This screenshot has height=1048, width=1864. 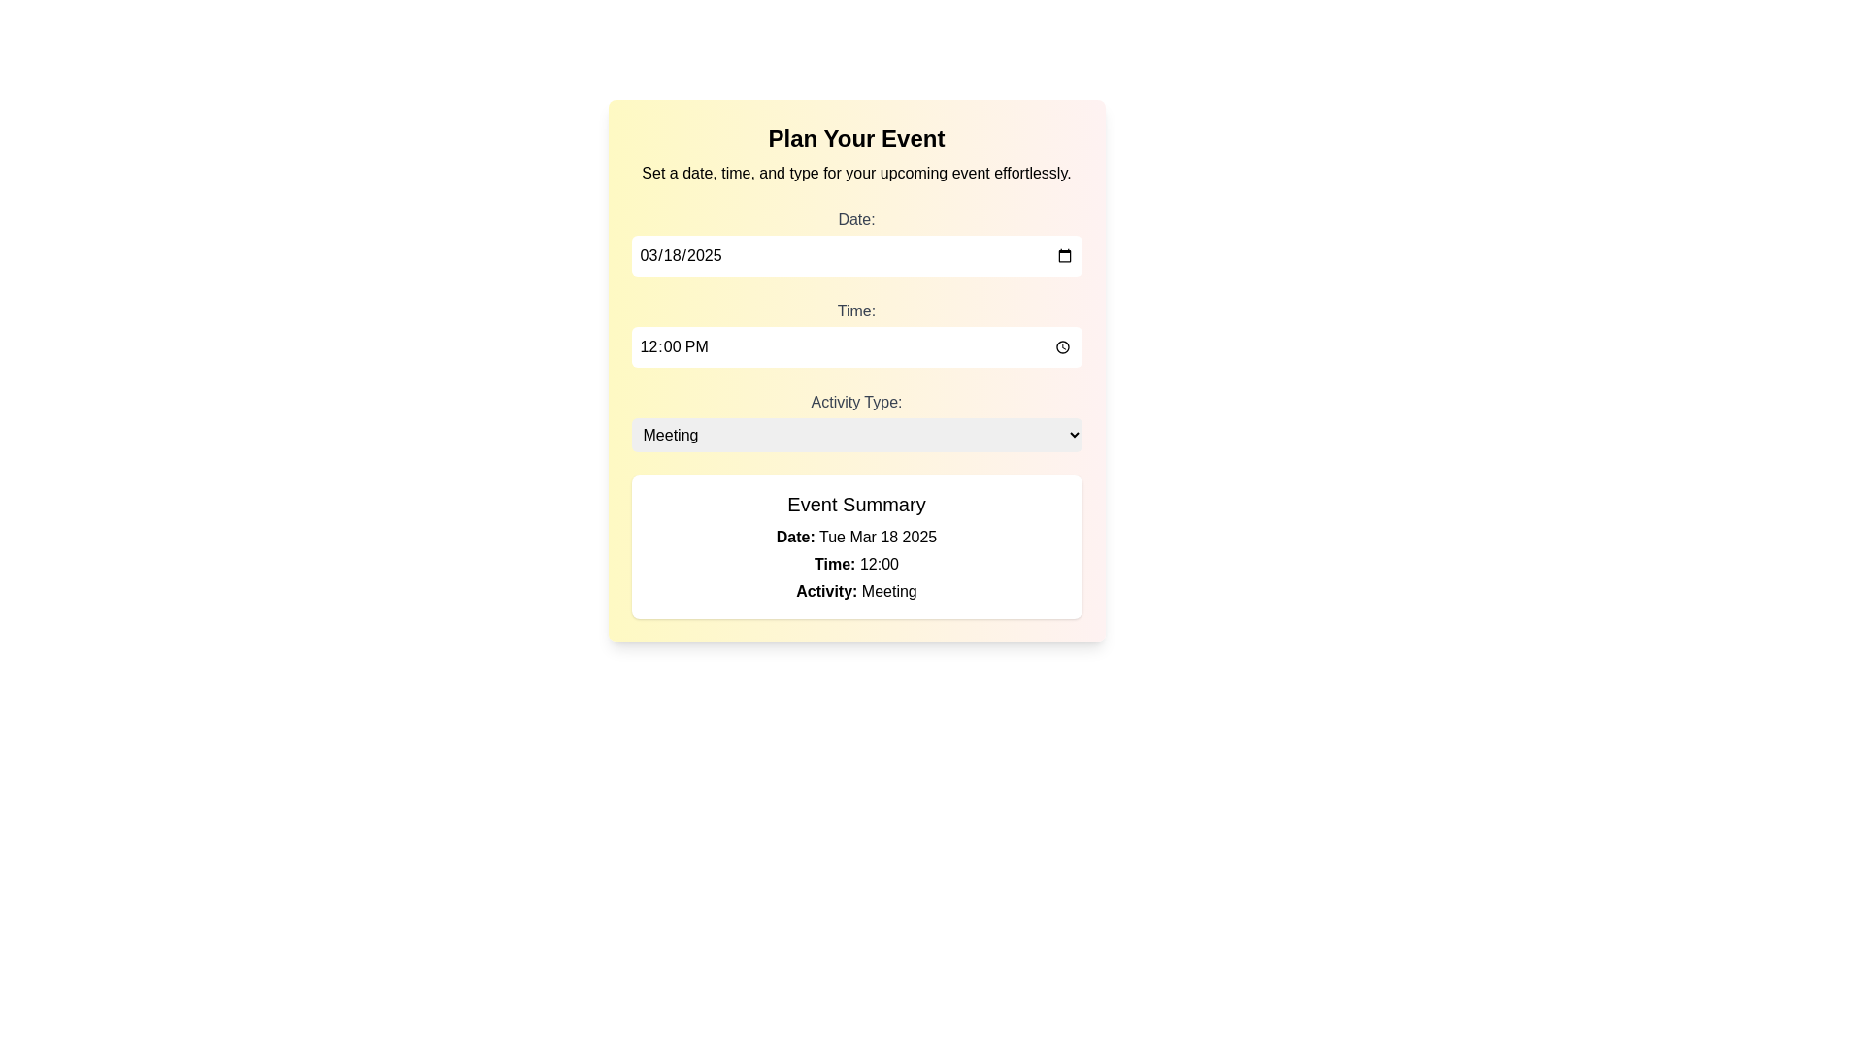 What do you see at coordinates (855, 346) in the screenshot?
I see `the time` at bounding box center [855, 346].